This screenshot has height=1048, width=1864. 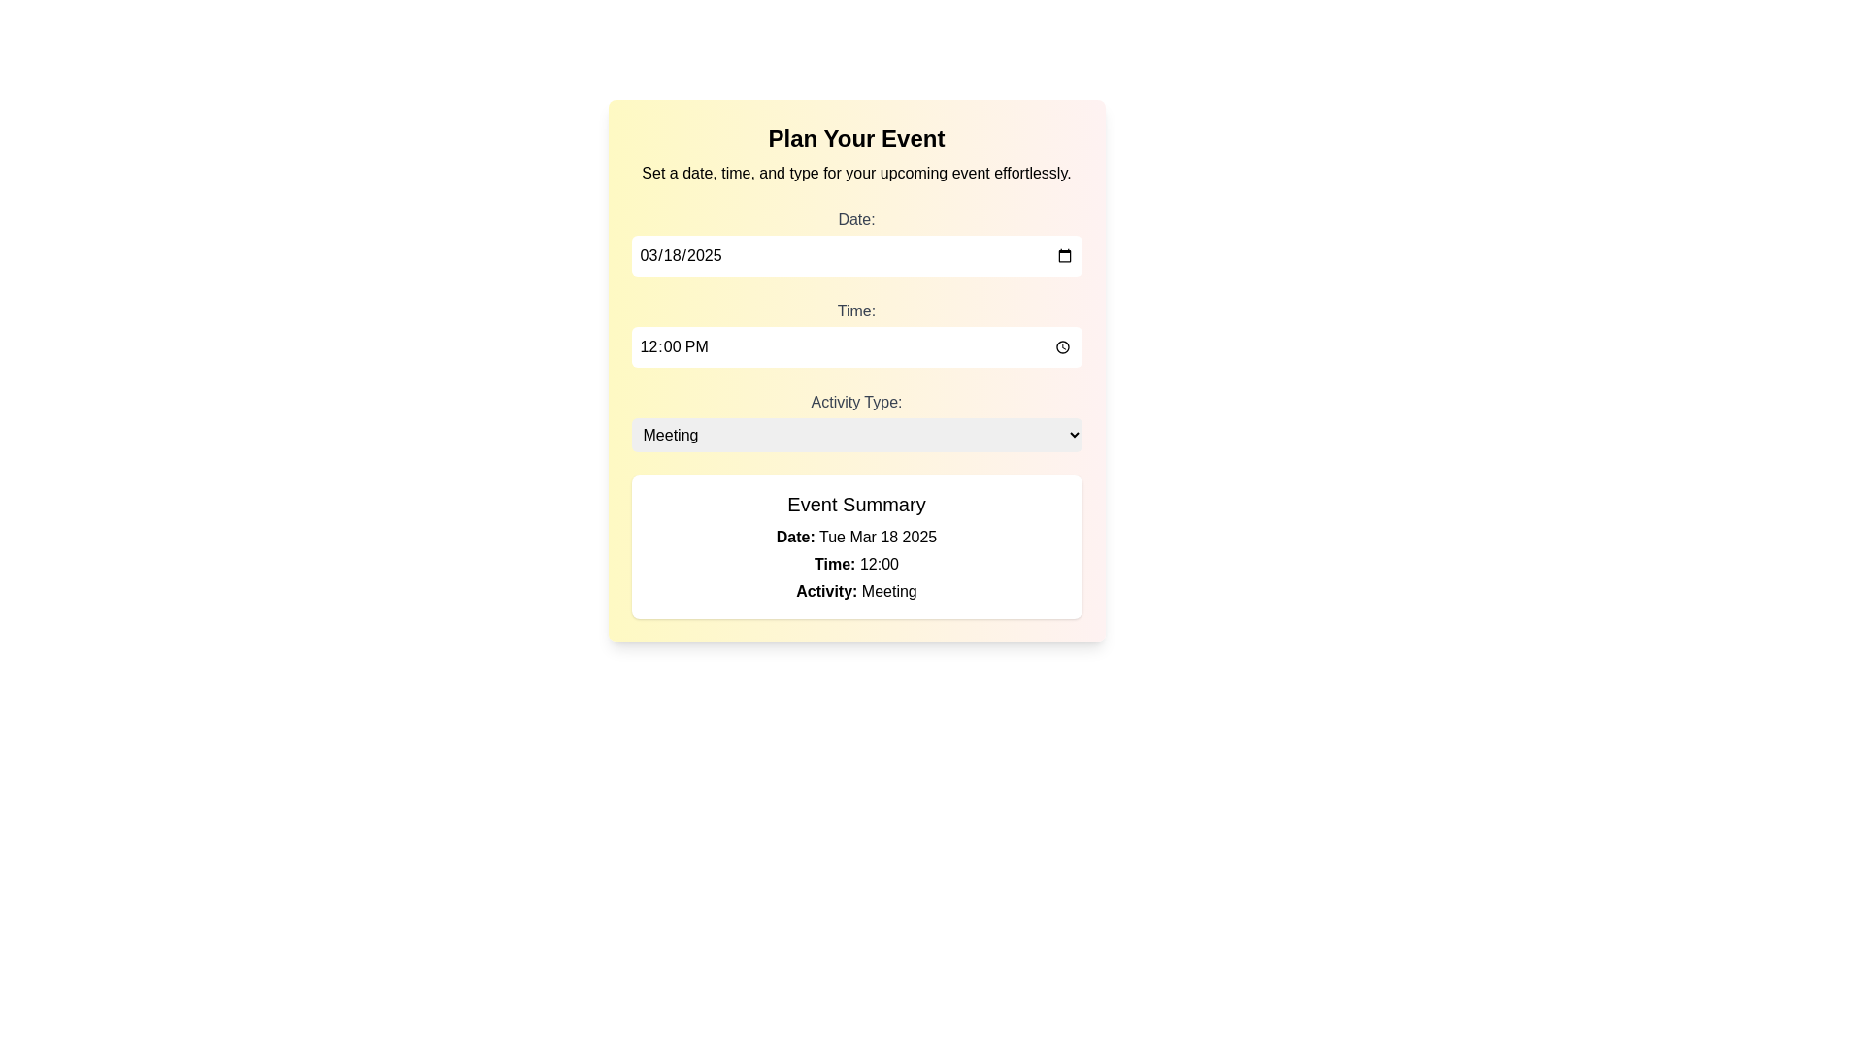 What do you see at coordinates (855, 346) in the screenshot?
I see `the time` at bounding box center [855, 346].